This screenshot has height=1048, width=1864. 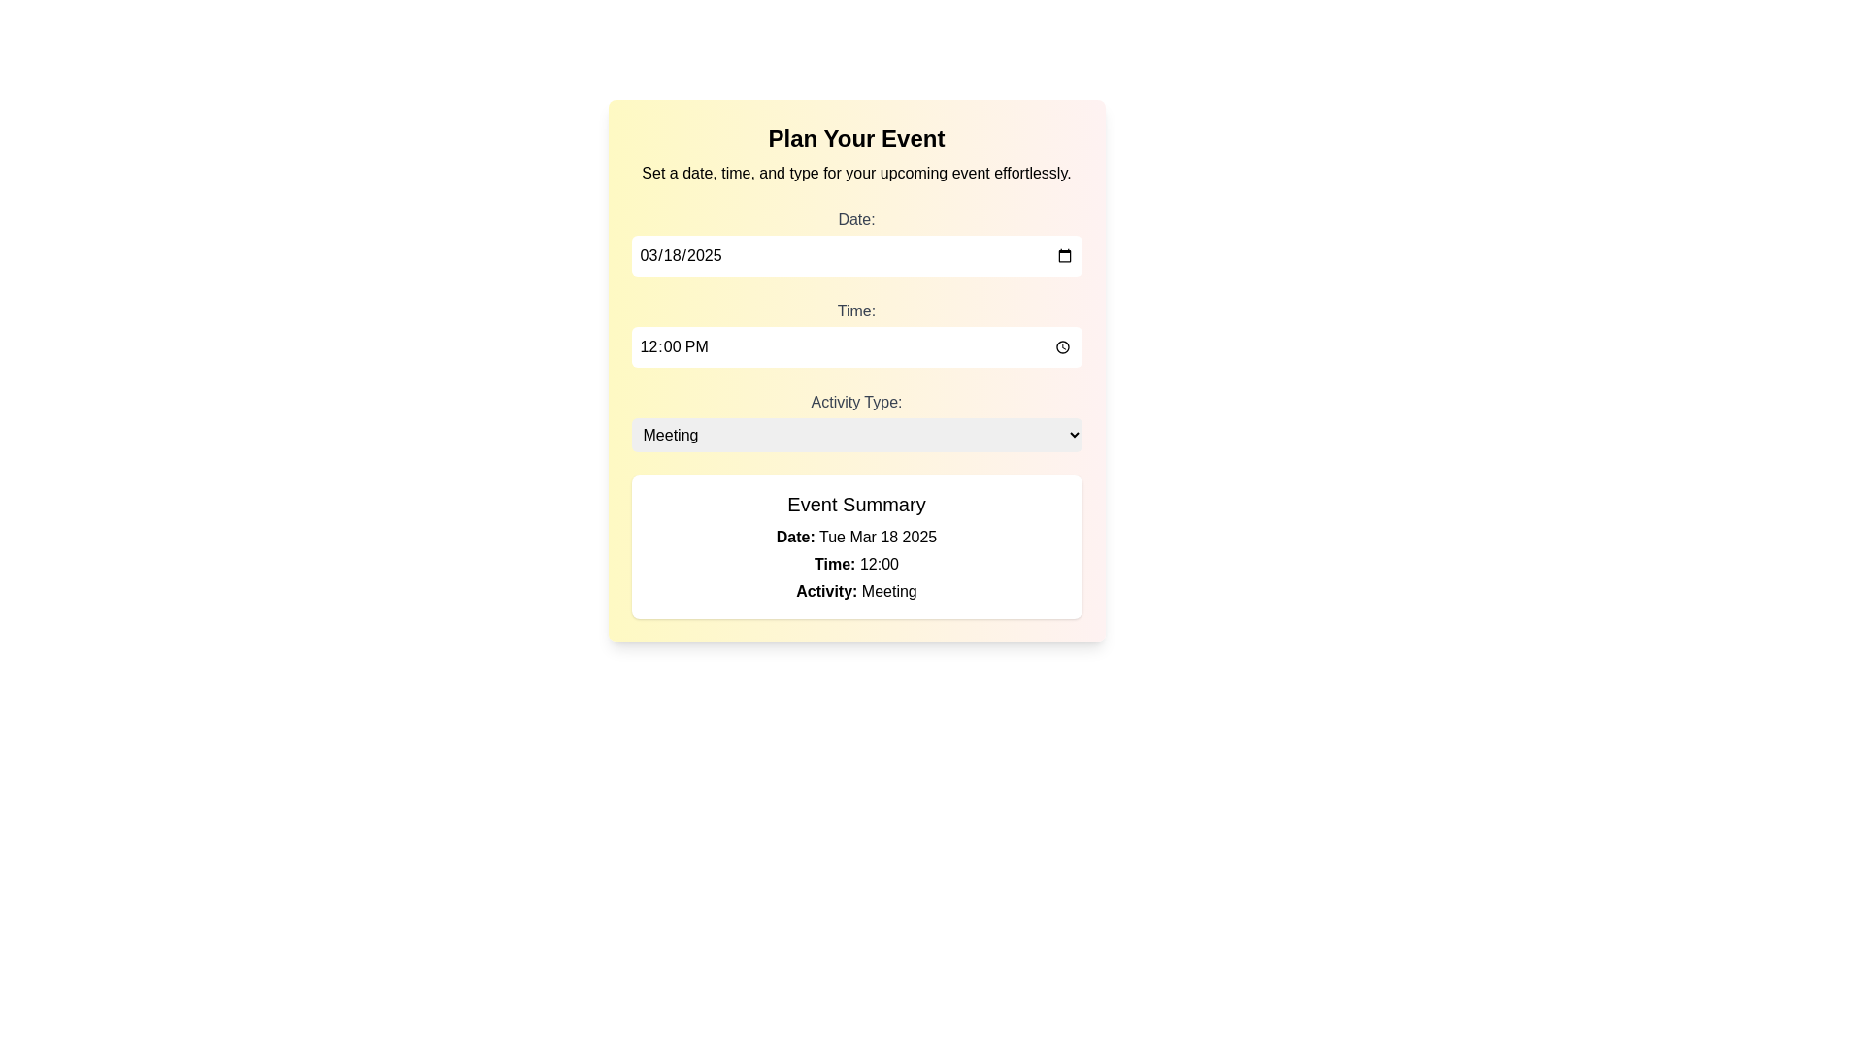 What do you see at coordinates (855, 346) in the screenshot?
I see `the time` at bounding box center [855, 346].